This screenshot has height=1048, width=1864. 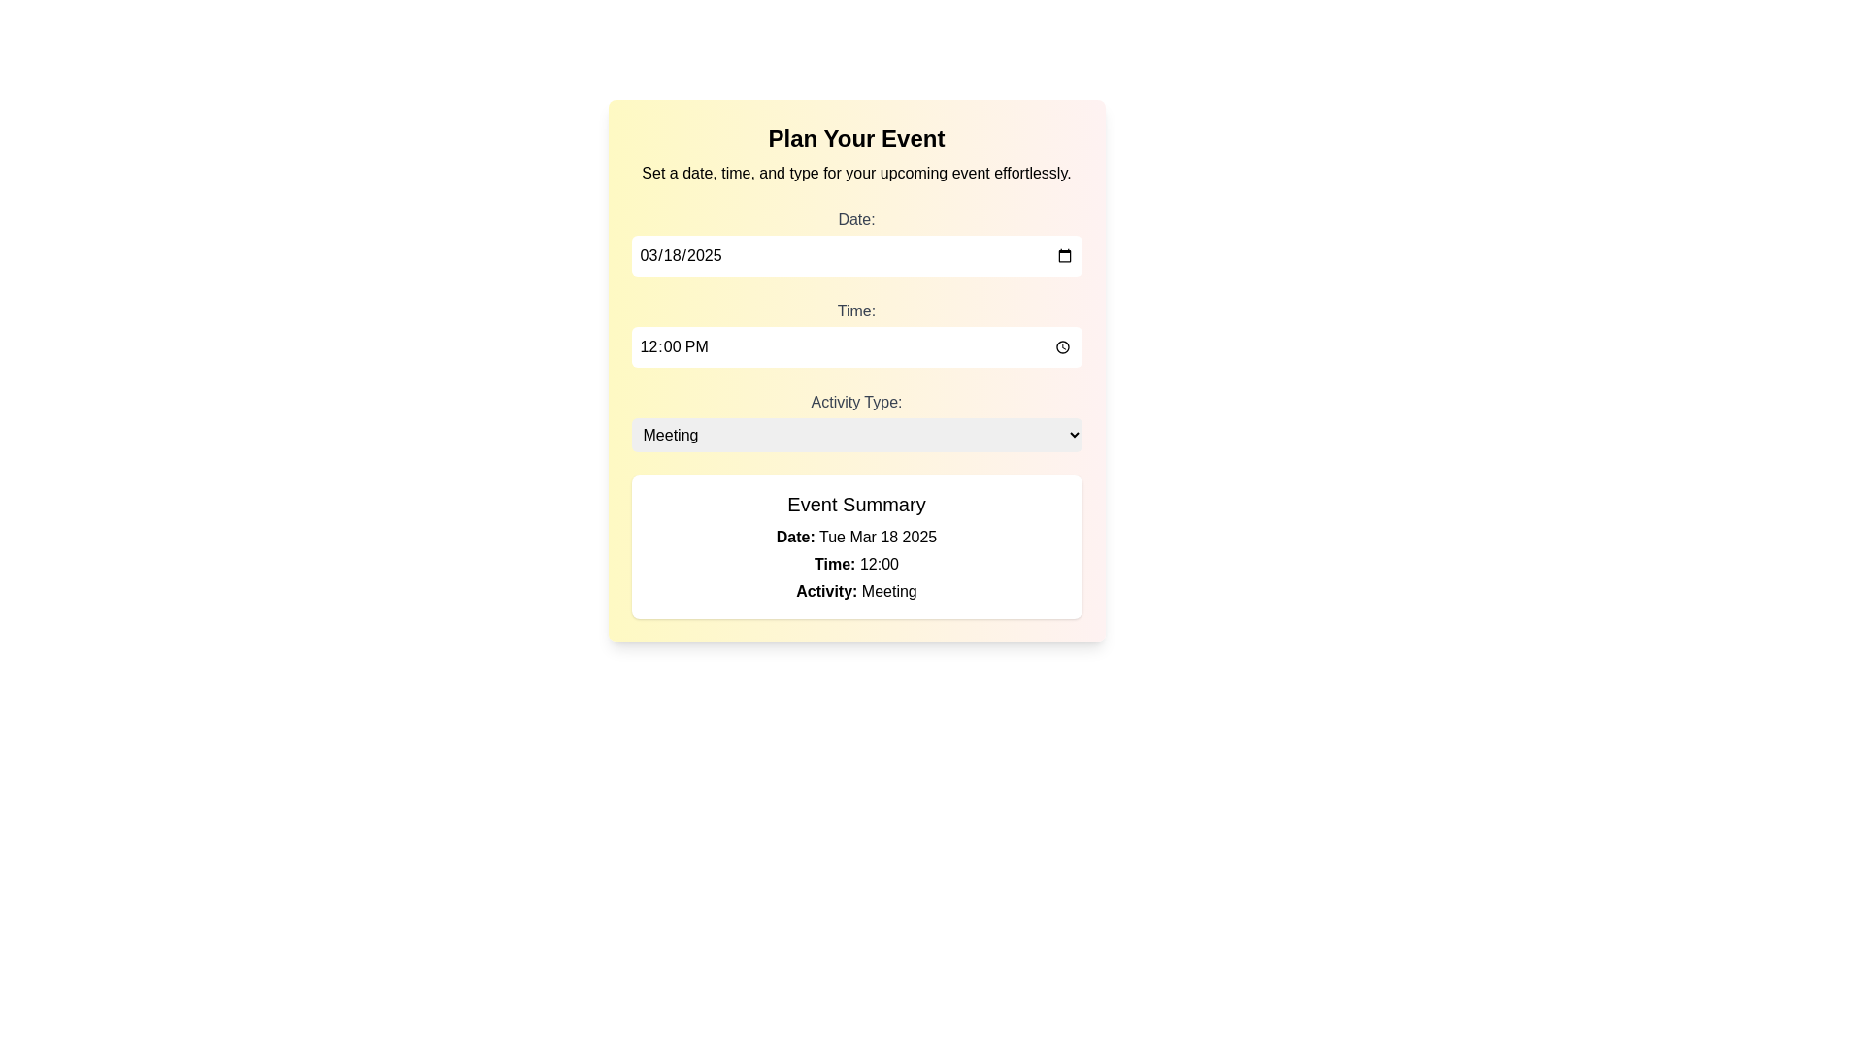 What do you see at coordinates (855, 346) in the screenshot?
I see `the time` at bounding box center [855, 346].